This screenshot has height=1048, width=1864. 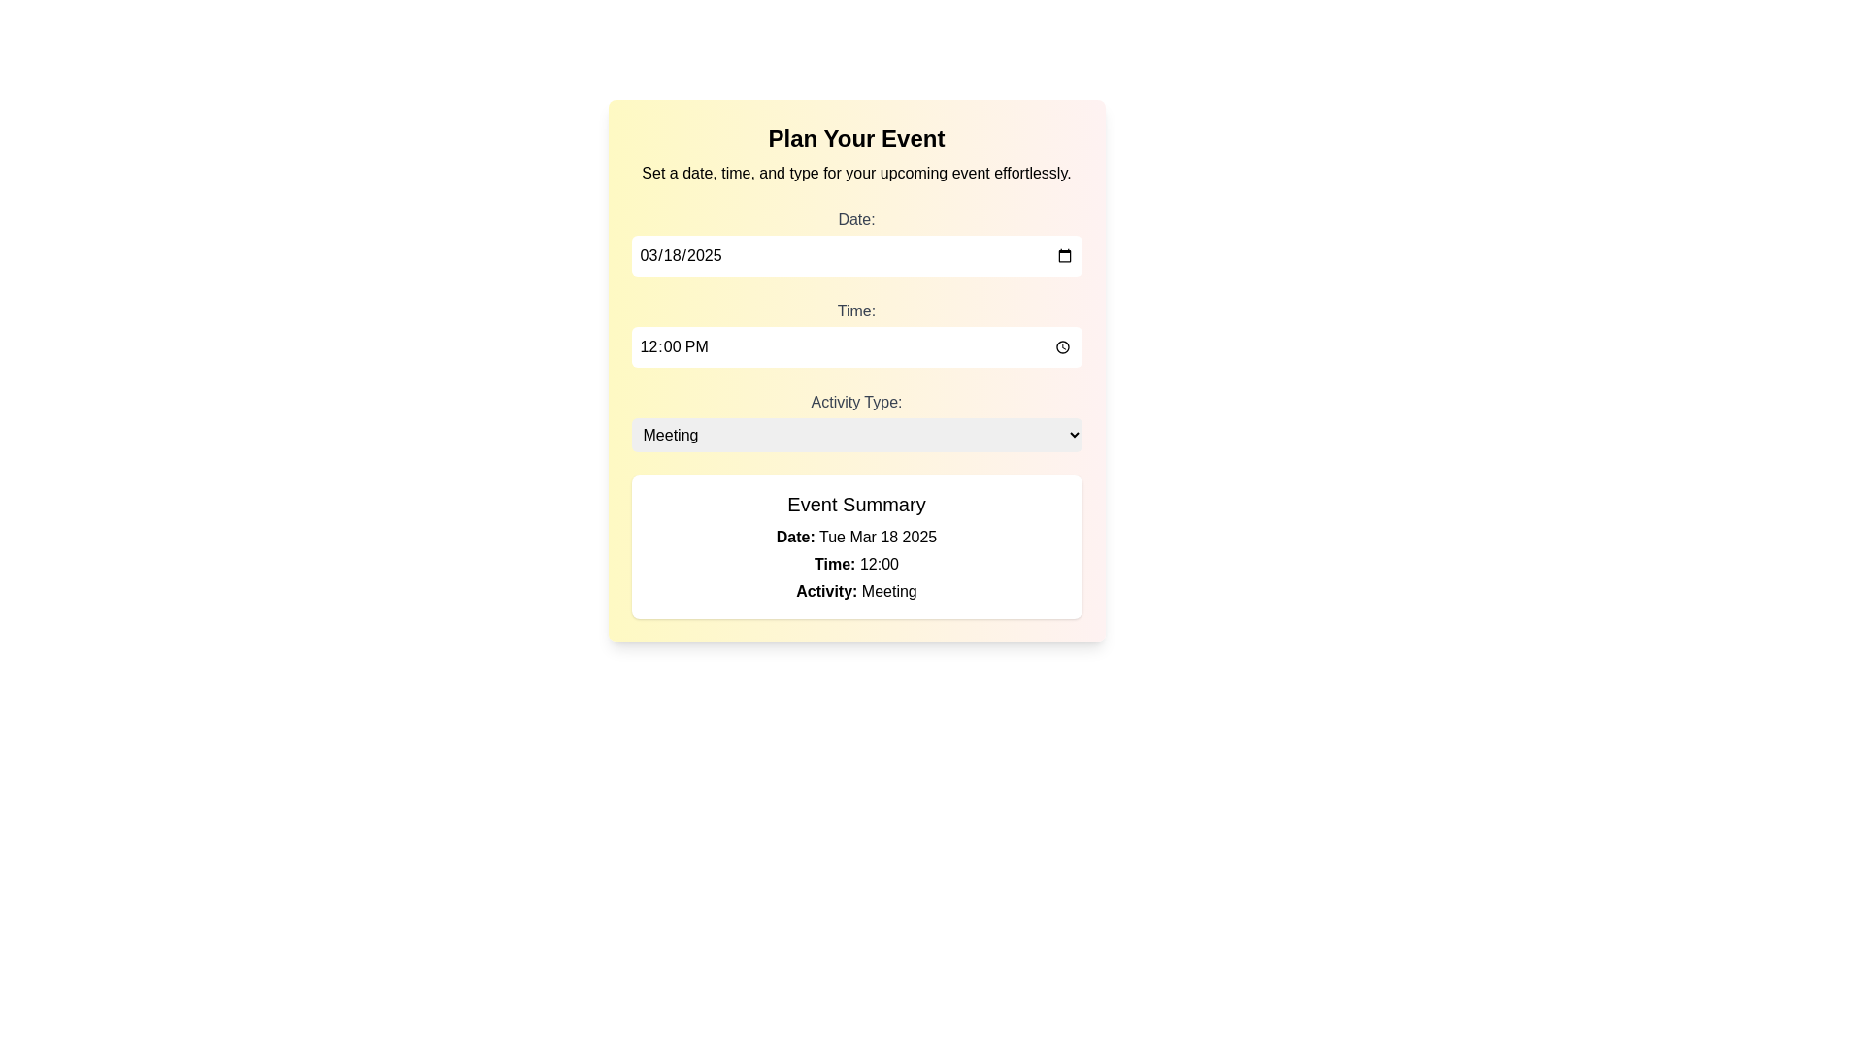 What do you see at coordinates (855, 346) in the screenshot?
I see `the time` at bounding box center [855, 346].